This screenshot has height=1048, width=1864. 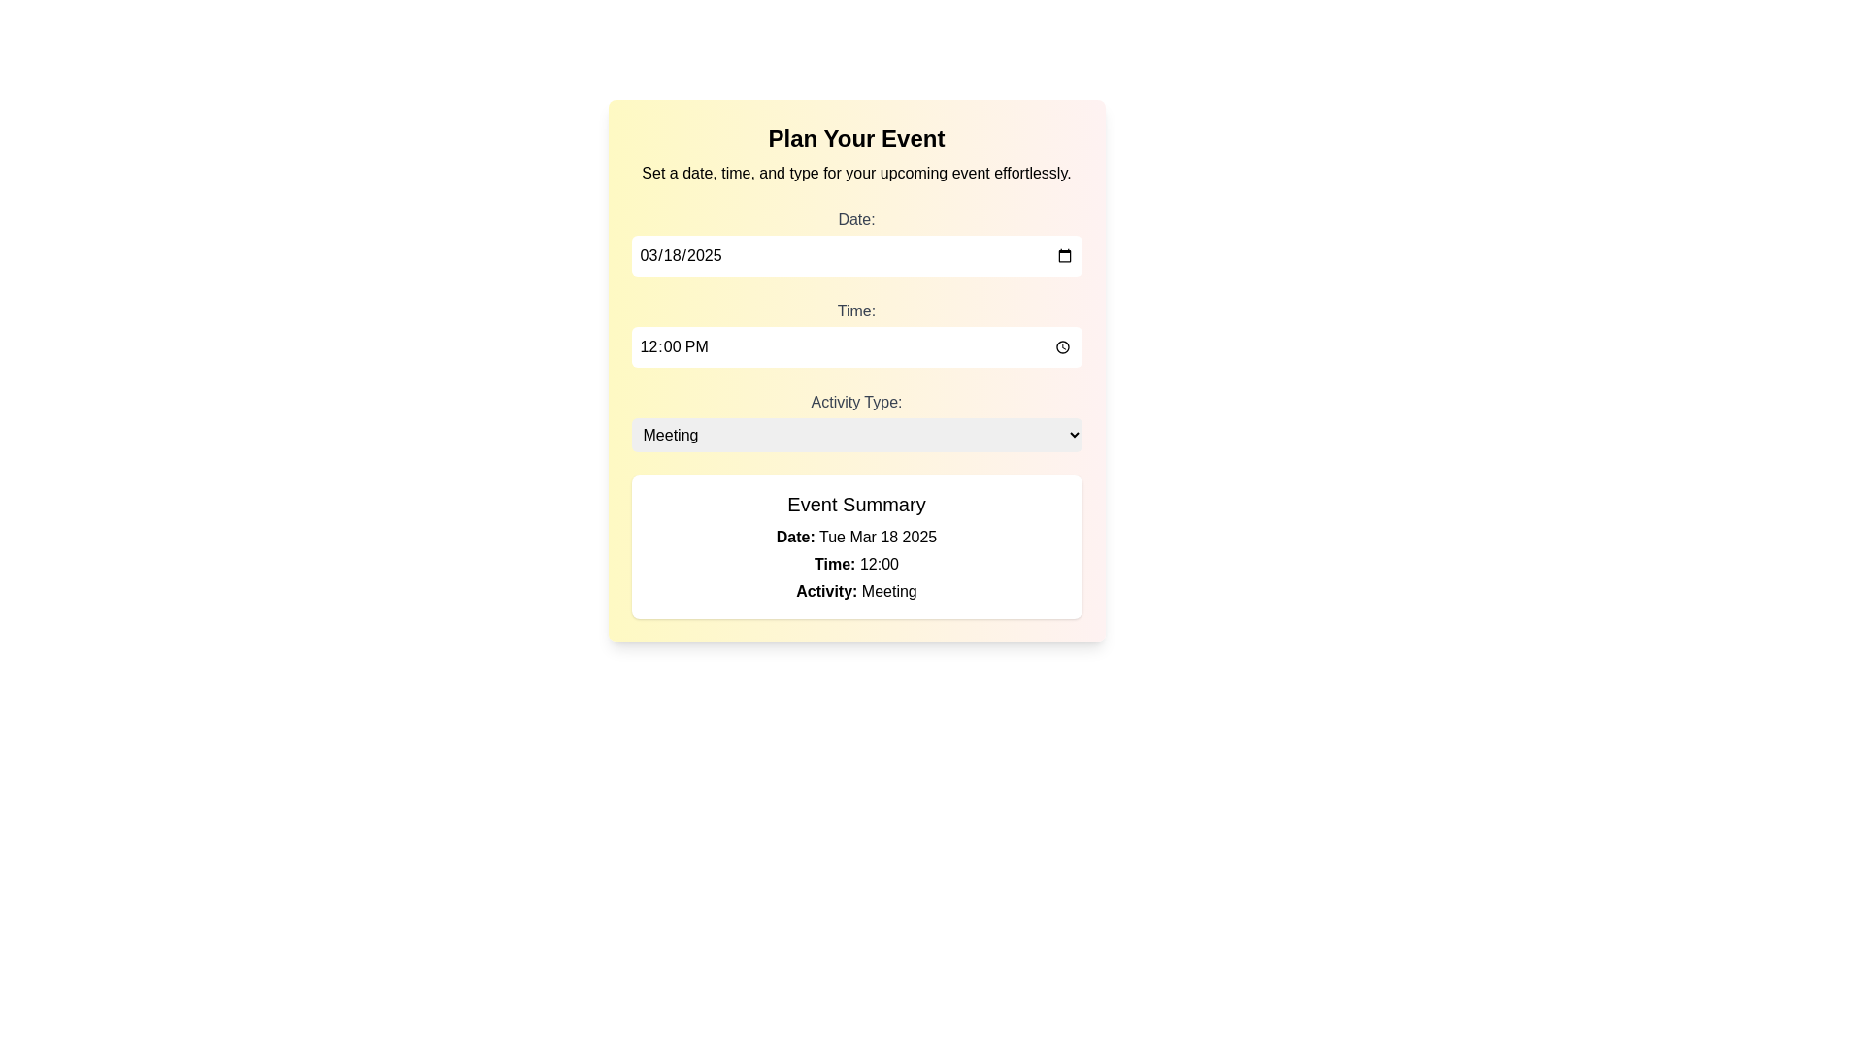 What do you see at coordinates (855, 346) in the screenshot?
I see `the time` at bounding box center [855, 346].